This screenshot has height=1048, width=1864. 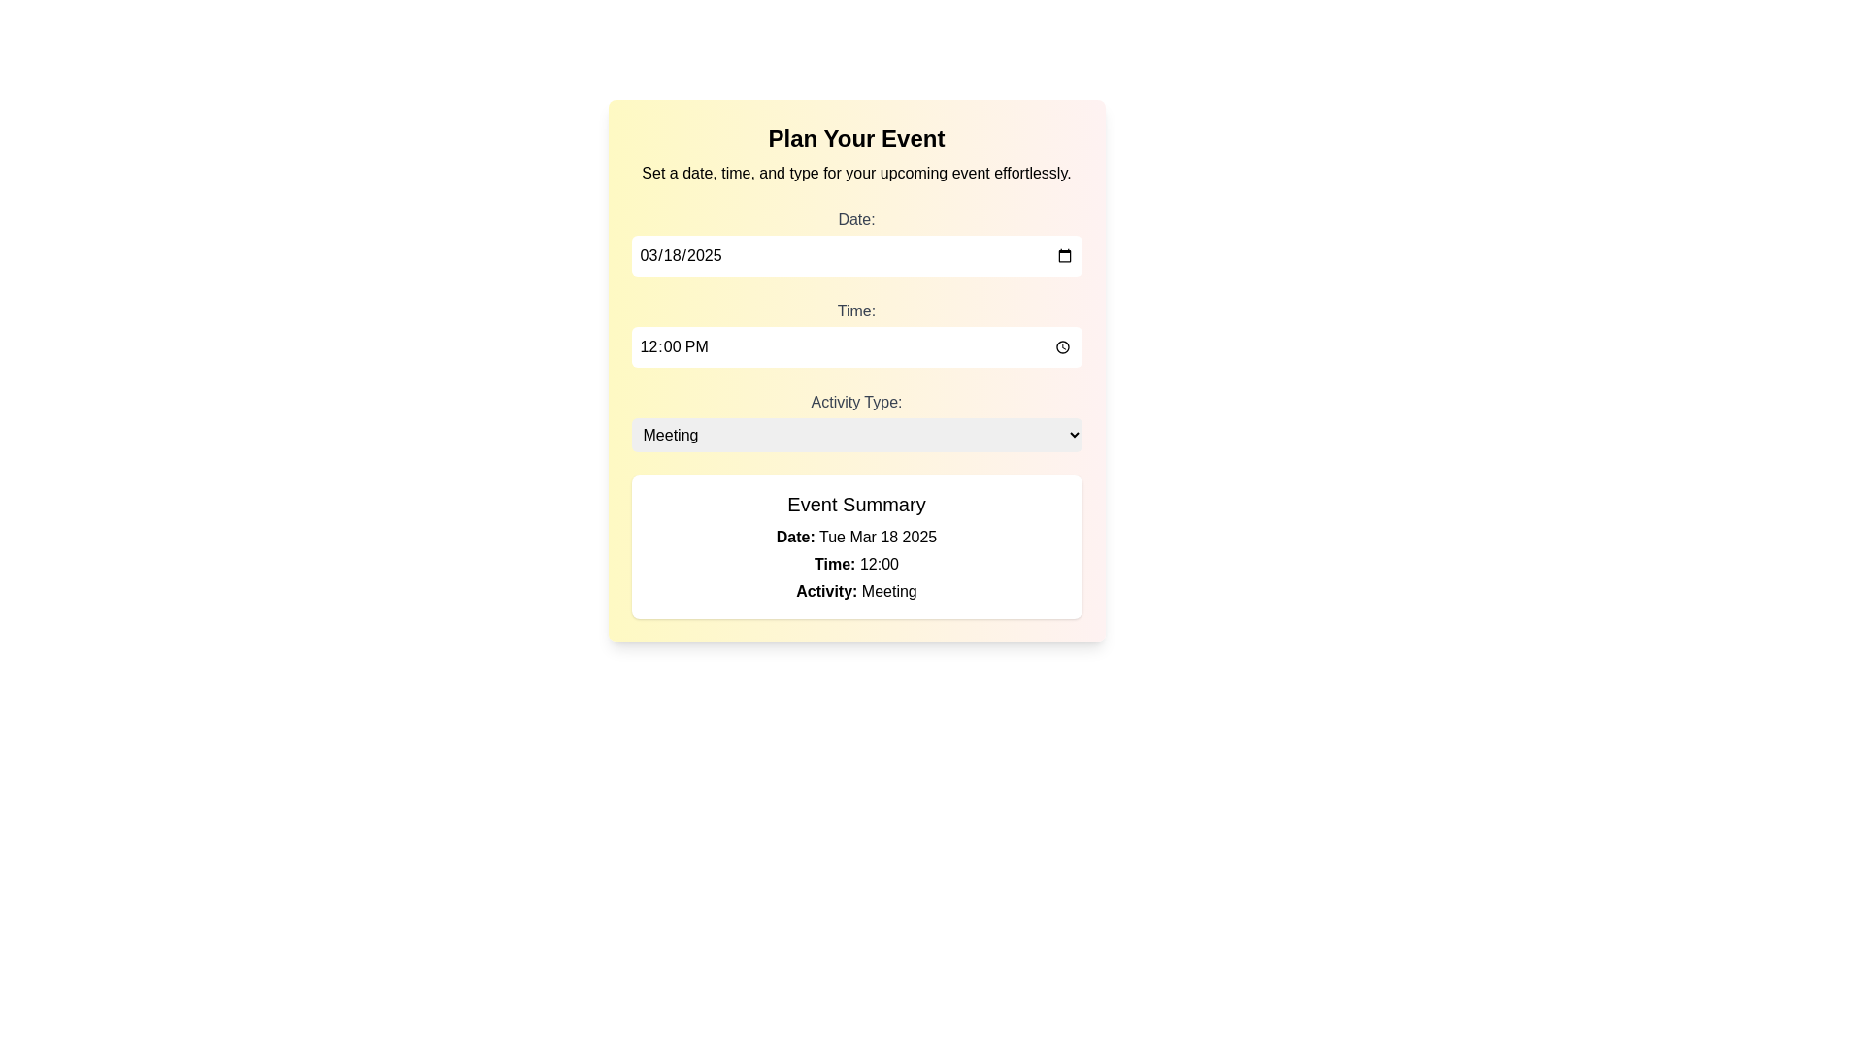 What do you see at coordinates (855, 346) in the screenshot?
I see `the time` at bounding box center [855, 346].